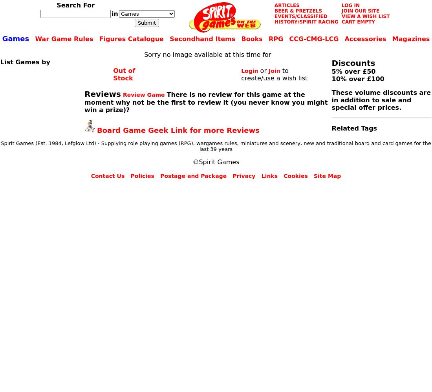 This screenshot has width=432, height=392. Describe the element at coordinates (365, 38) in the screenshot. I see `'Accessories'` at that location.